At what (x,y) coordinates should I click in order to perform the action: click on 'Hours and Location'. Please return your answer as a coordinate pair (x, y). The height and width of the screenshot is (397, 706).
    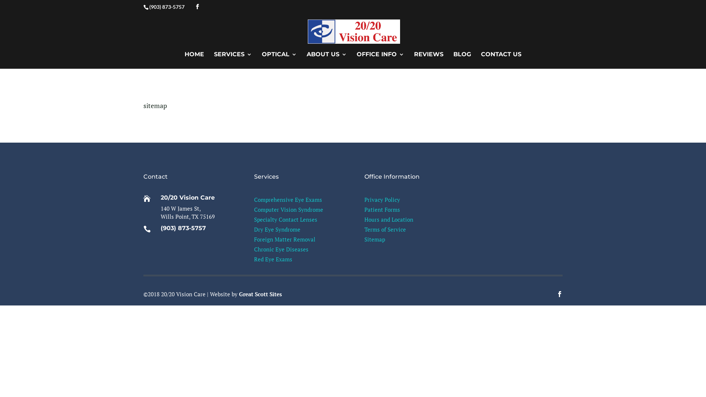
    Looking at the image, I should click on (364, 219).